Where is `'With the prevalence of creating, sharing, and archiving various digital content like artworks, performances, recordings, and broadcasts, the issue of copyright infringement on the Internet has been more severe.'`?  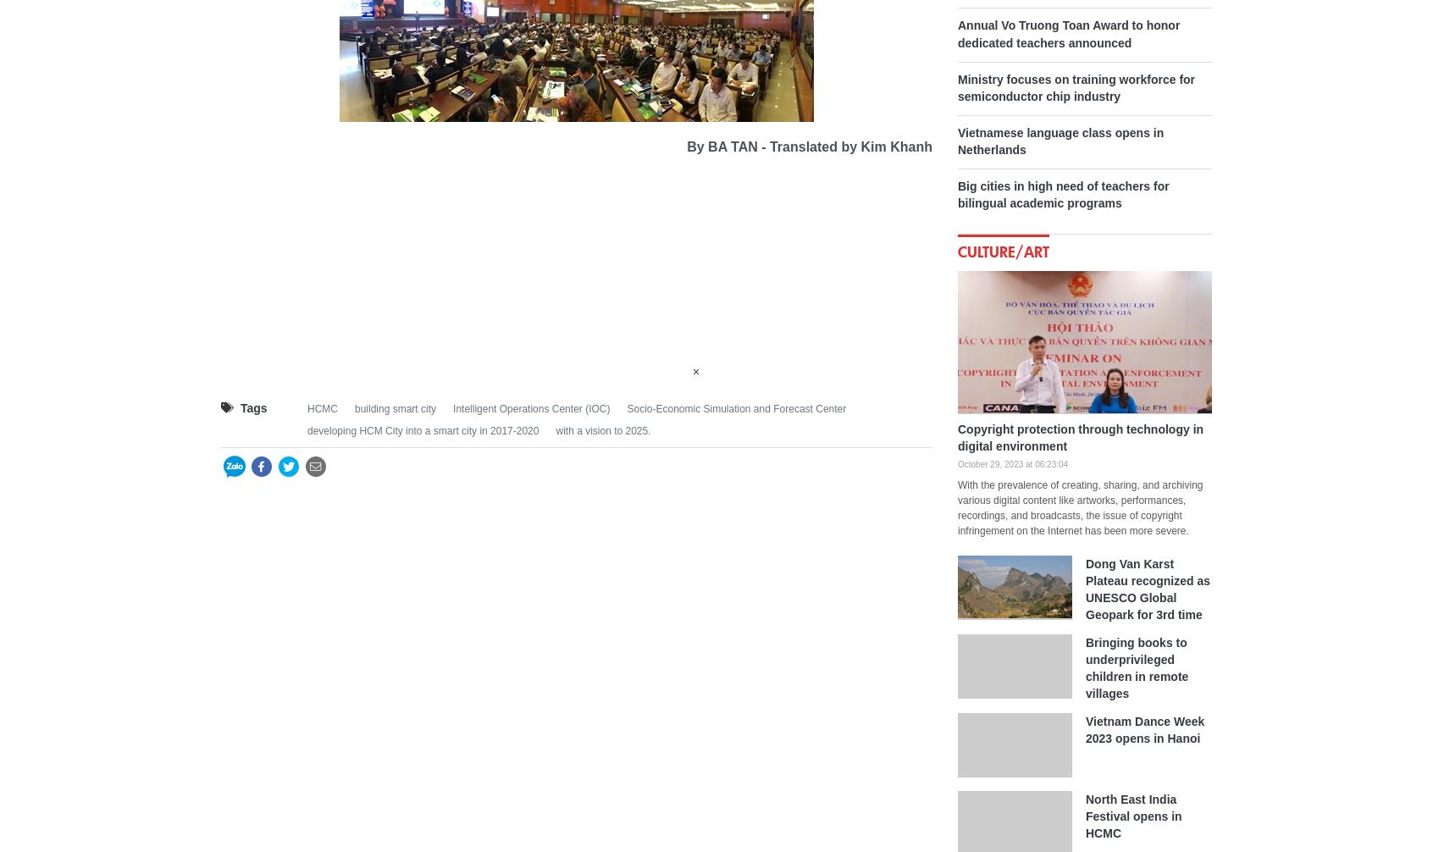 'With the prevalence of creating, sharing, and archiving various digital content like artworks, performances, recordings, and broadcasts, the issue of copyright infringement on the Internet has been more severe.' is located at coordinates (1079, 506).